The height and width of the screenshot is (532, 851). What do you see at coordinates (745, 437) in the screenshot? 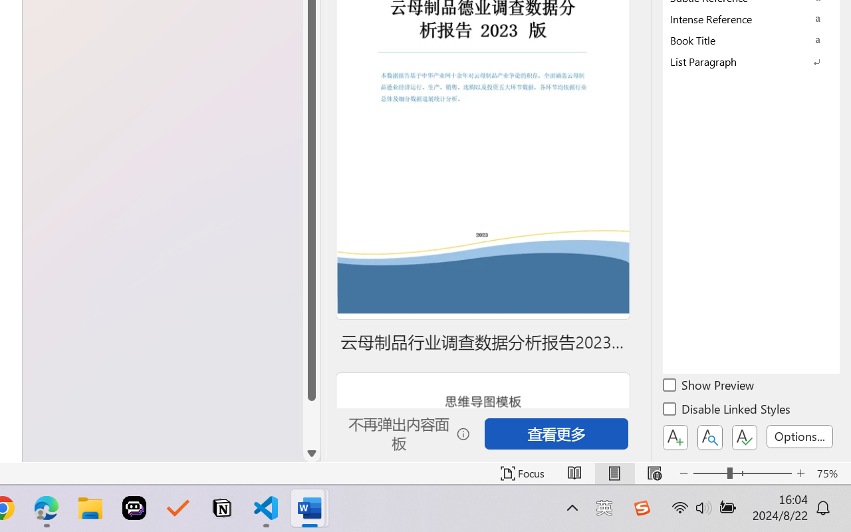
I see `'Class: NetUIButton'` at bounding box center [745, 437].